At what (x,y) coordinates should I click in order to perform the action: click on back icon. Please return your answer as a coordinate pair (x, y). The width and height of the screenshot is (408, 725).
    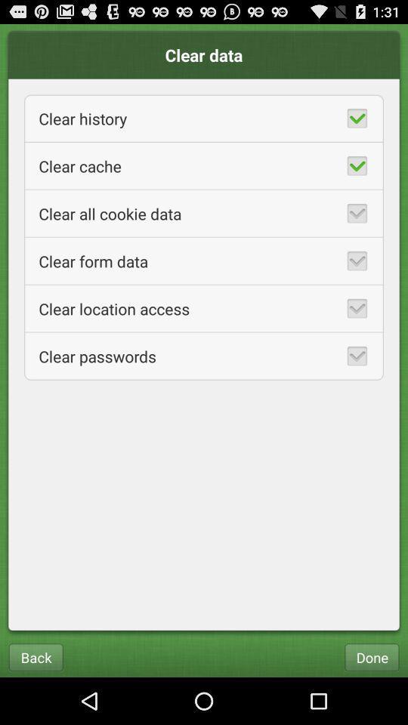
    Looking at the image, I should click on (36, 656).